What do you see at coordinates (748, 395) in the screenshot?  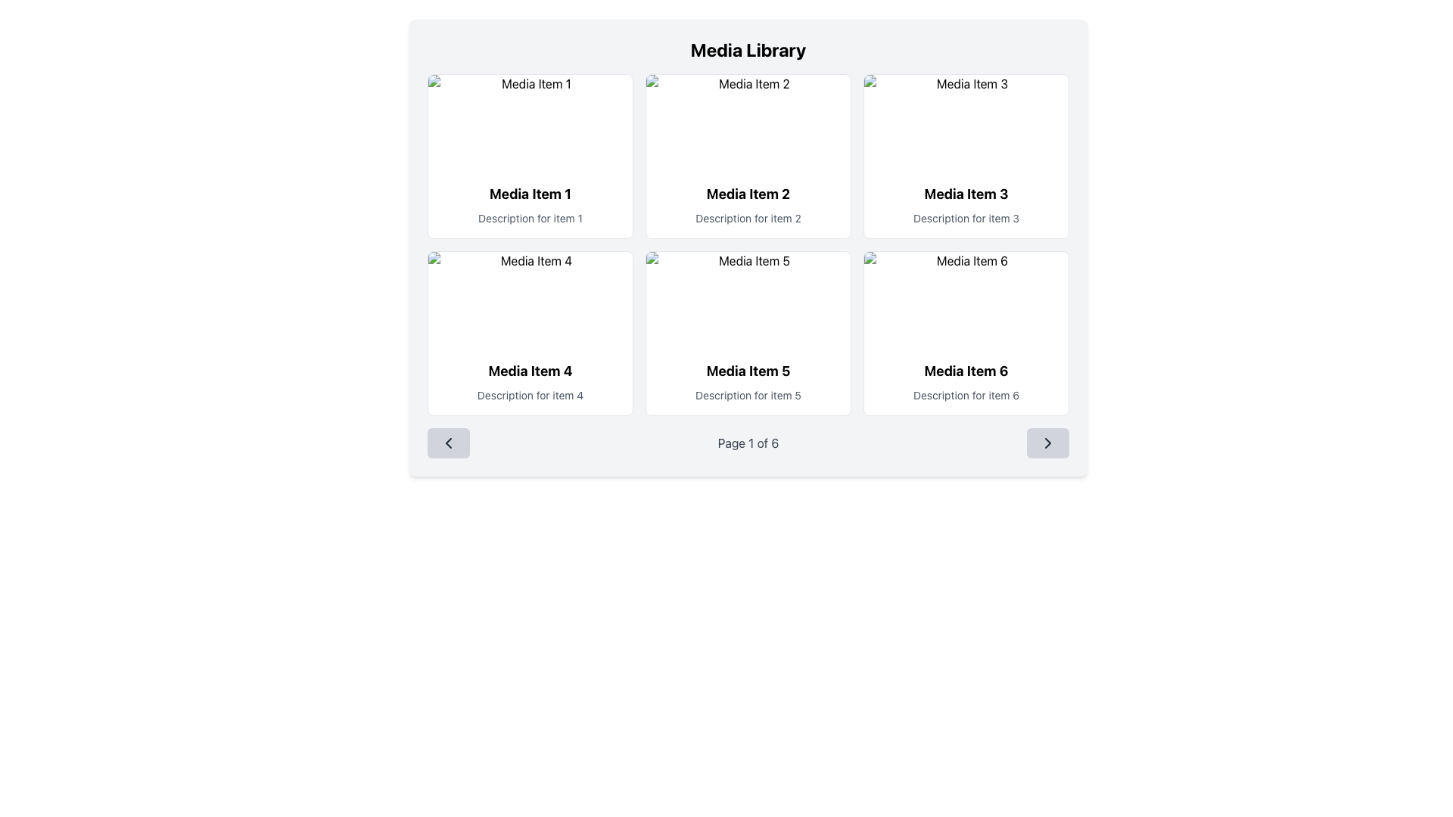 I see `the text label associated with the fifth media item, located below the title 'Media Item 5' in the layout grid` at bounding box center [748, 395].